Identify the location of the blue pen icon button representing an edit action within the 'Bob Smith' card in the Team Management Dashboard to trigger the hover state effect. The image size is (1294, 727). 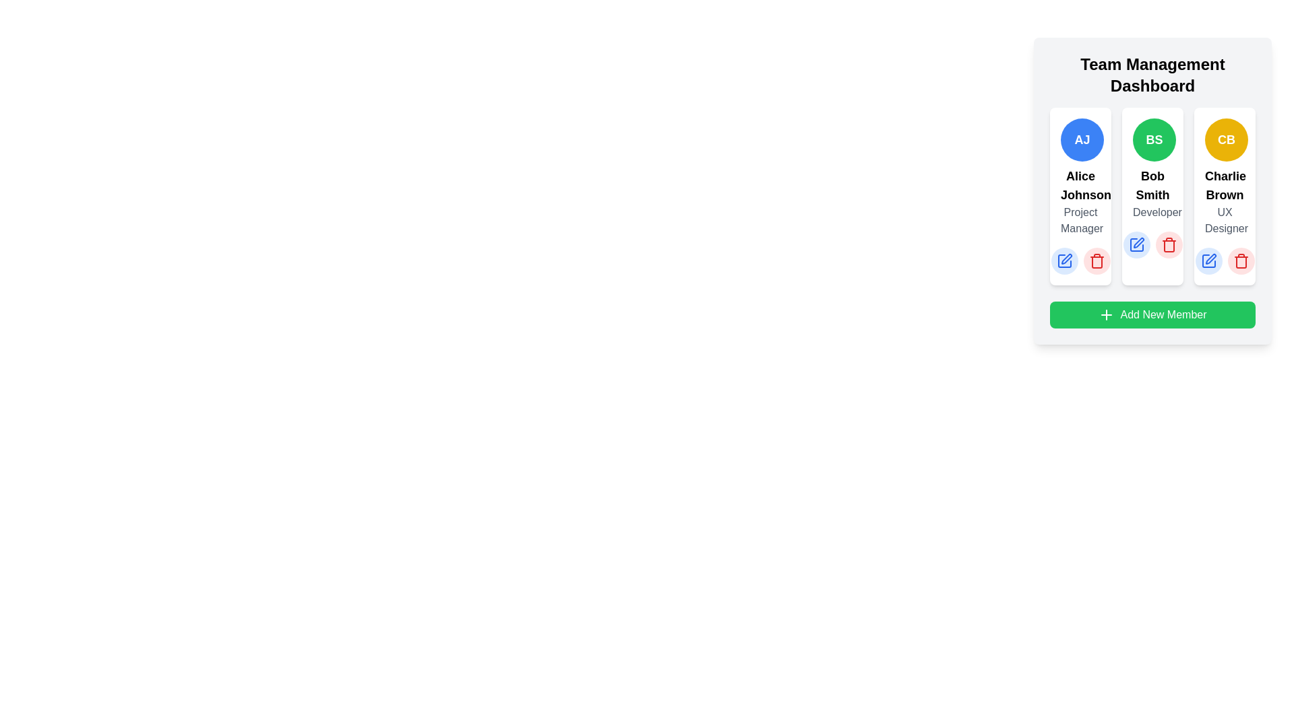
(1136, 244).